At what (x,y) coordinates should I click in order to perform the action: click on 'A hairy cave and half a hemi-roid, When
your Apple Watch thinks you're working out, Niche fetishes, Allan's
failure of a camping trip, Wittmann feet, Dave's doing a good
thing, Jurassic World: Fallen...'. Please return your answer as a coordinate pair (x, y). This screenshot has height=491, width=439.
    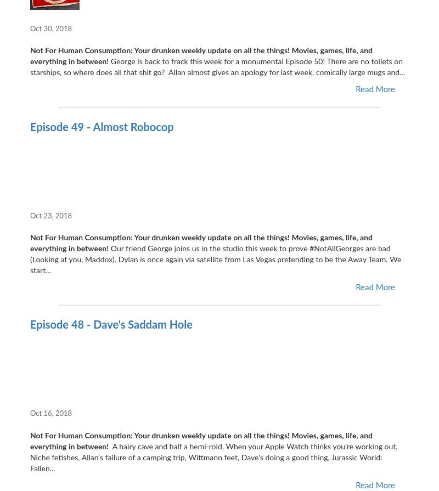
    Looking at the image, I should click on (213, 456).